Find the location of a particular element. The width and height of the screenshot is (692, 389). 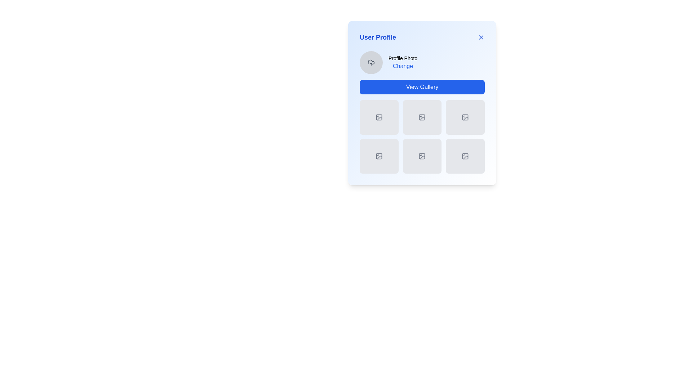

the image placeholder icon located in the second row, second column of the 3x3 grid, beneath the 'View Gallery' button is located at coordinates (422, 117).